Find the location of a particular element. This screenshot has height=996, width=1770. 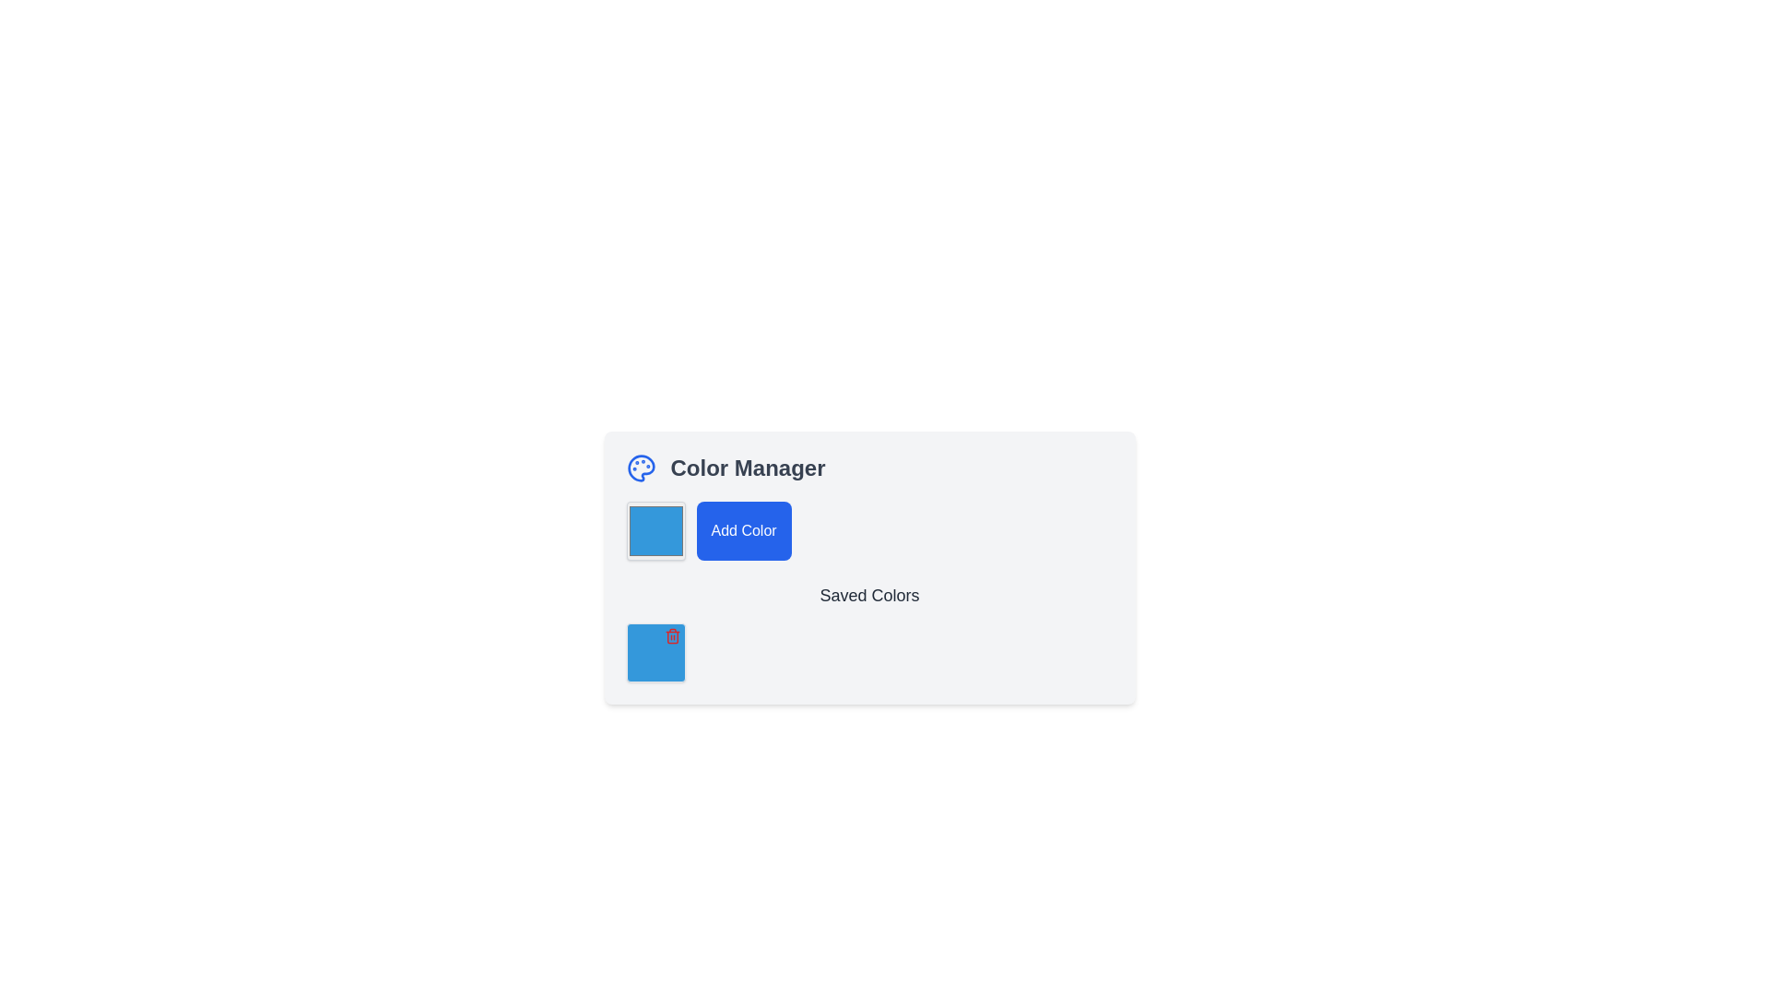

the blue color swatch, which is a square-shaped element with rounded corners and a thin gray border is located at coordinates (655, 530).